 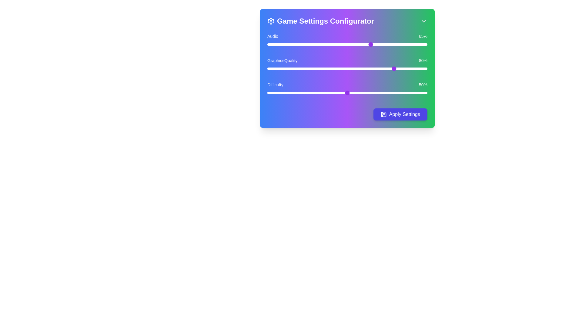 What do you see at coordinates (423, 36) in the screenshot?
I see `the percentage value '65%' displayed in white text on a green background, which is located to the right of the slider in the 'Audio' settings interface` at bounding box center [423, 36].